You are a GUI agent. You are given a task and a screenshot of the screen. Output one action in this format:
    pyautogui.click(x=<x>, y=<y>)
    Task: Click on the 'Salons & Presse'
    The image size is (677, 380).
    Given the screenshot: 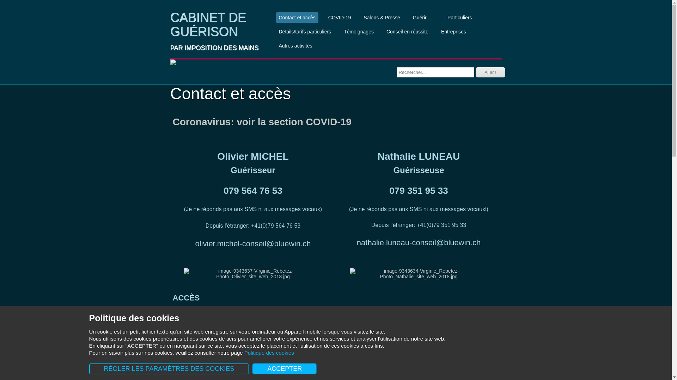 What is the action you would take?
    pyautogui.click(x=382, y=17)
    